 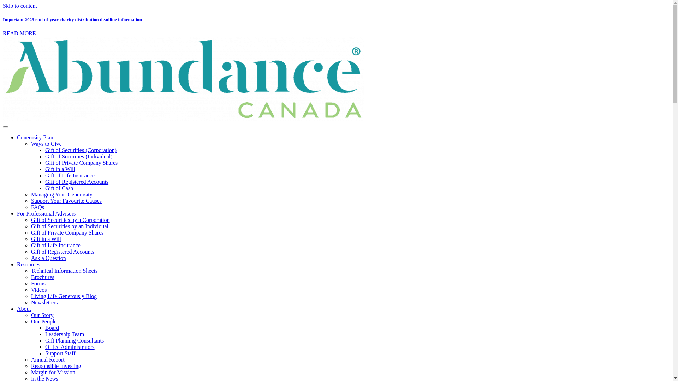 What do you see at coordinates (66, 201) in the screenshot?
I see `'Support Your Favourite Causes'` at bounding box center [66, 201].